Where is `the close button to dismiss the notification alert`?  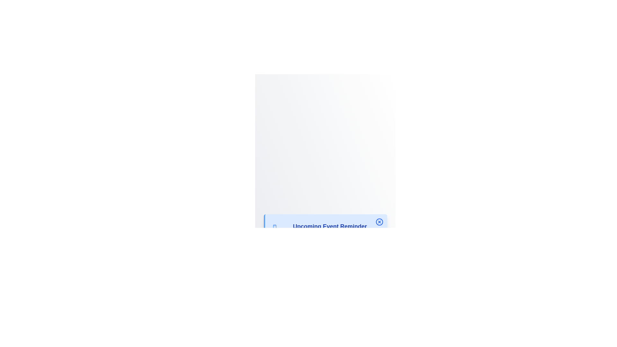
the close button to dismiss the notification alert is located at coordinates (379, 221).